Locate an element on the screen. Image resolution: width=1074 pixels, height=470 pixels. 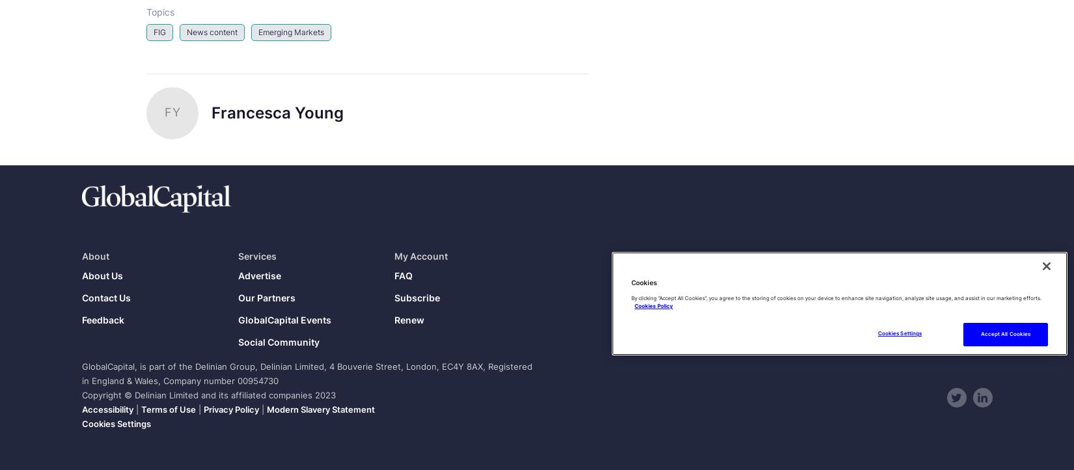
'Cookies Settings' is located at coordinates (116, 424).